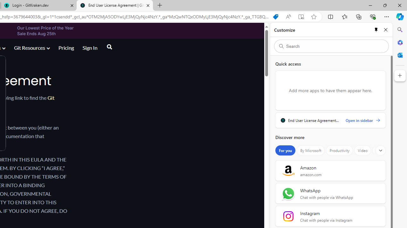  Describe the element at coordinates (89, 47) in the screenshot. I see `'Sign In'` at that location.